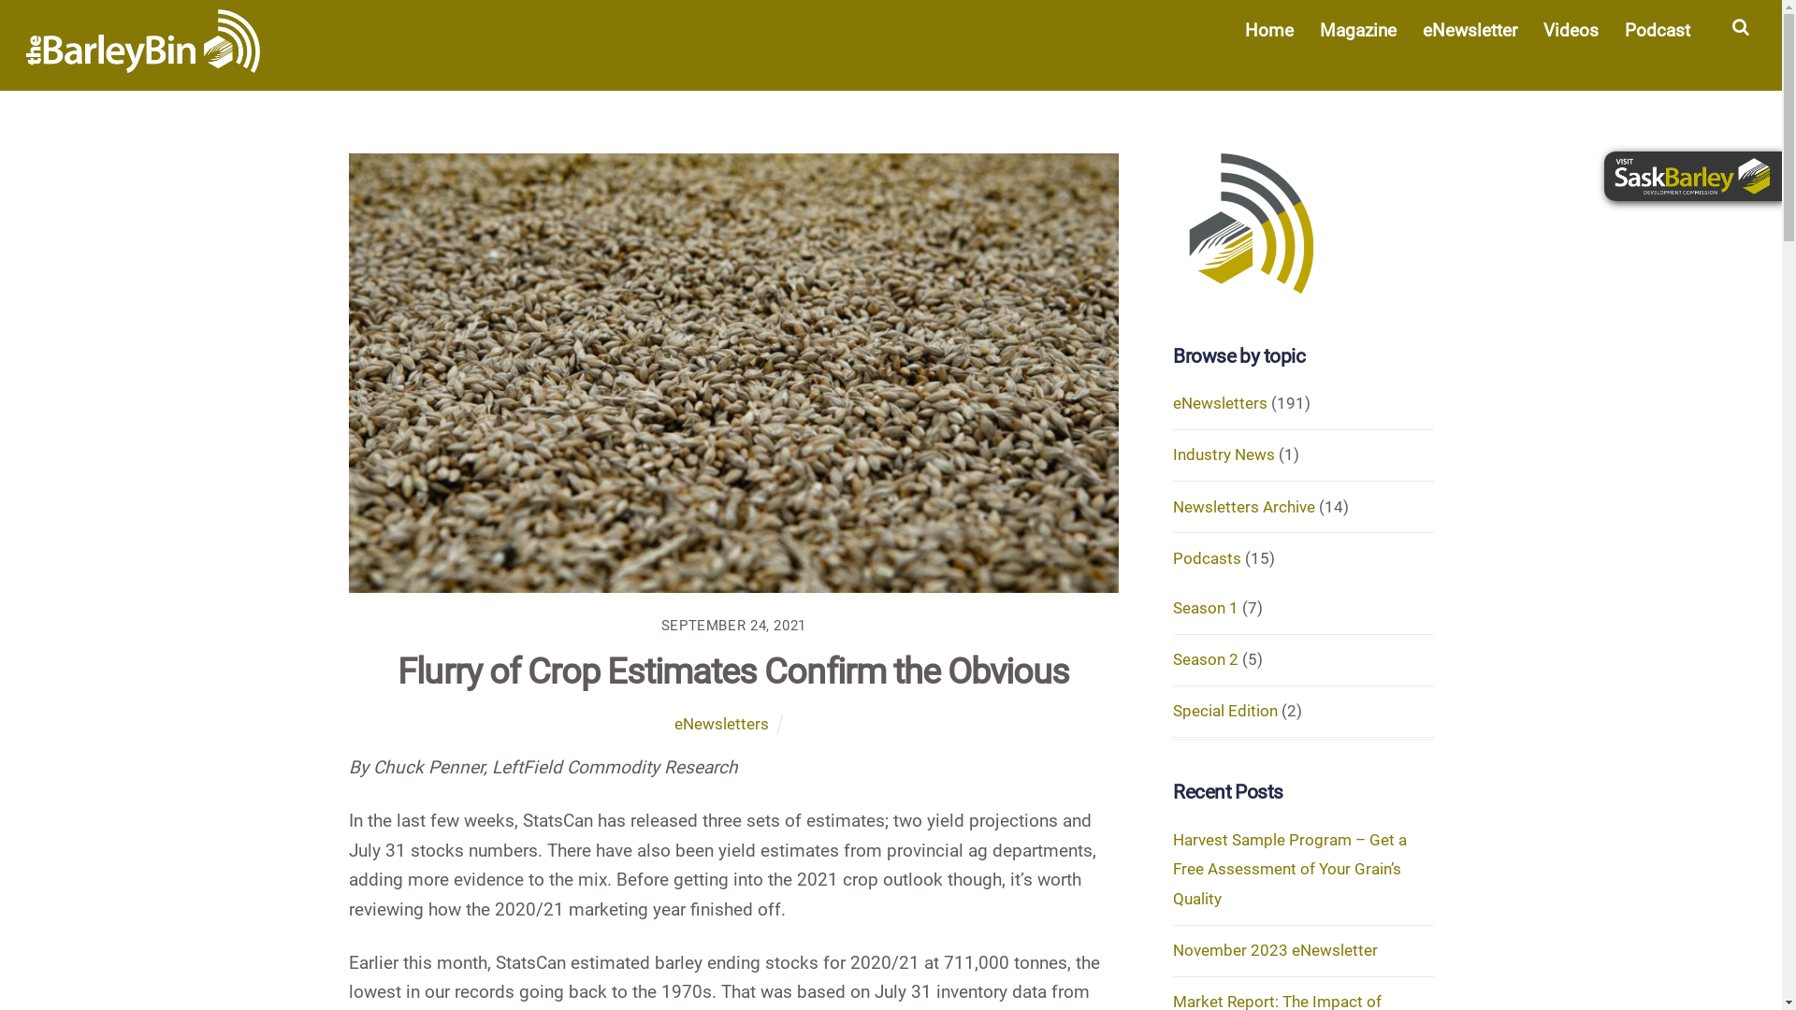  Describe the element at coordinates (1468, 30) in the screenshot. I see `'eNewsletter'` at that location.